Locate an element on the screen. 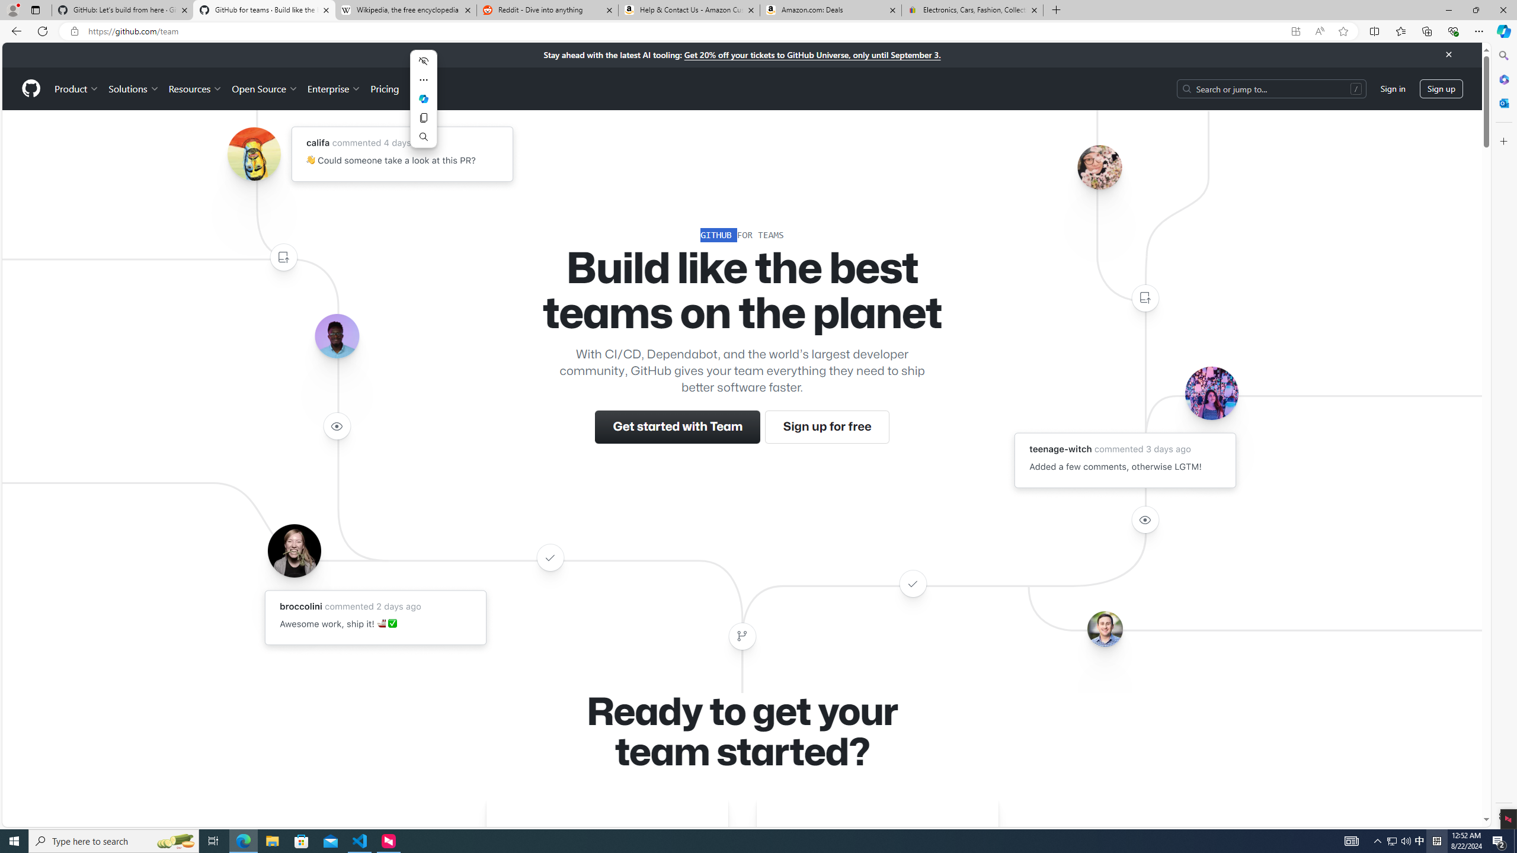 The image size is (1517, 853). 'Pricing' is located at coordinates (384, 88).